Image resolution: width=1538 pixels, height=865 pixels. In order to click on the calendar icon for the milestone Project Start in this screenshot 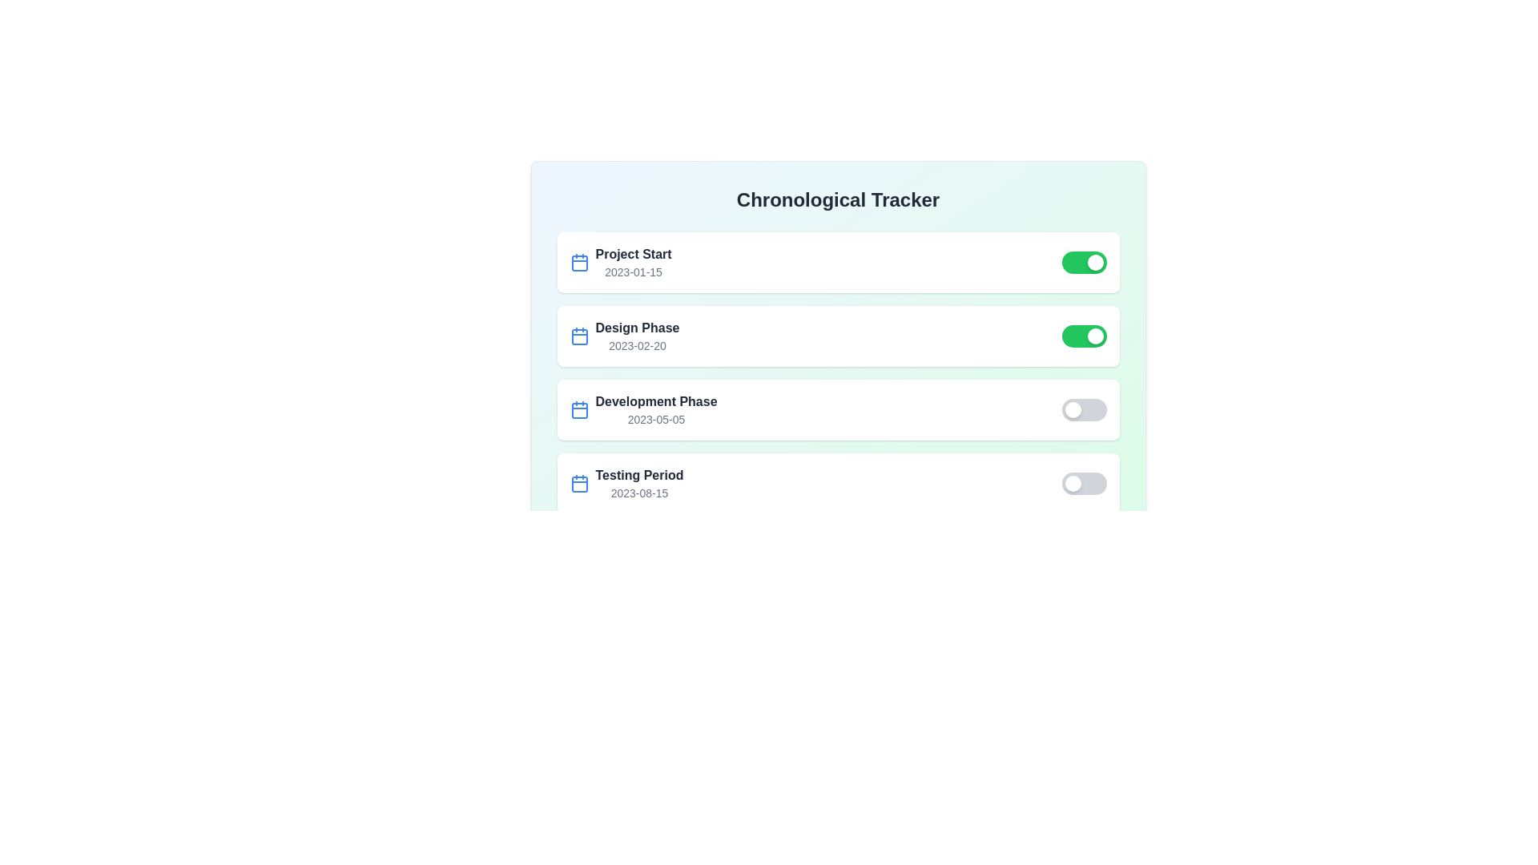, I will do `click(578, 261)`.